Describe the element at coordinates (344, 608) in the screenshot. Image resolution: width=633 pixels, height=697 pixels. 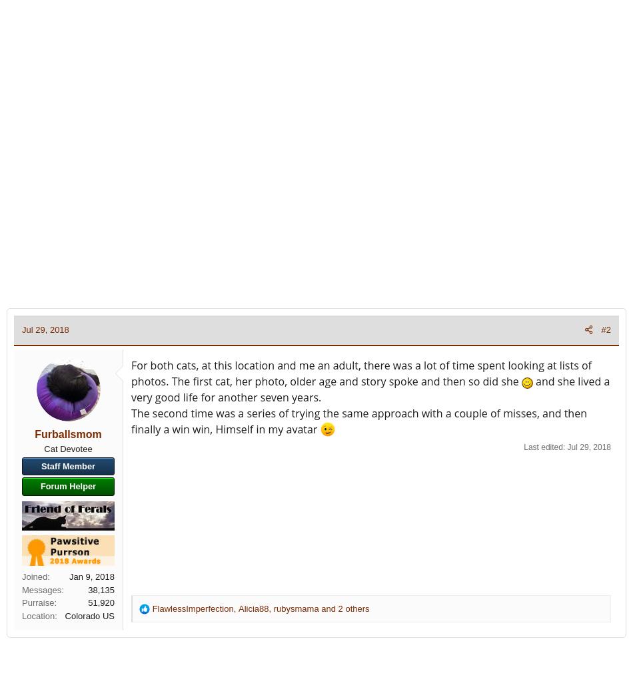
I see `'and 2 others'` at that location.